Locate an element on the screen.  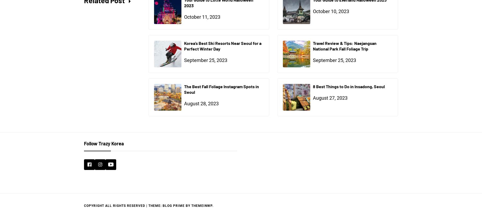
'August 28, 2023' is located at coordinates (184, 103).